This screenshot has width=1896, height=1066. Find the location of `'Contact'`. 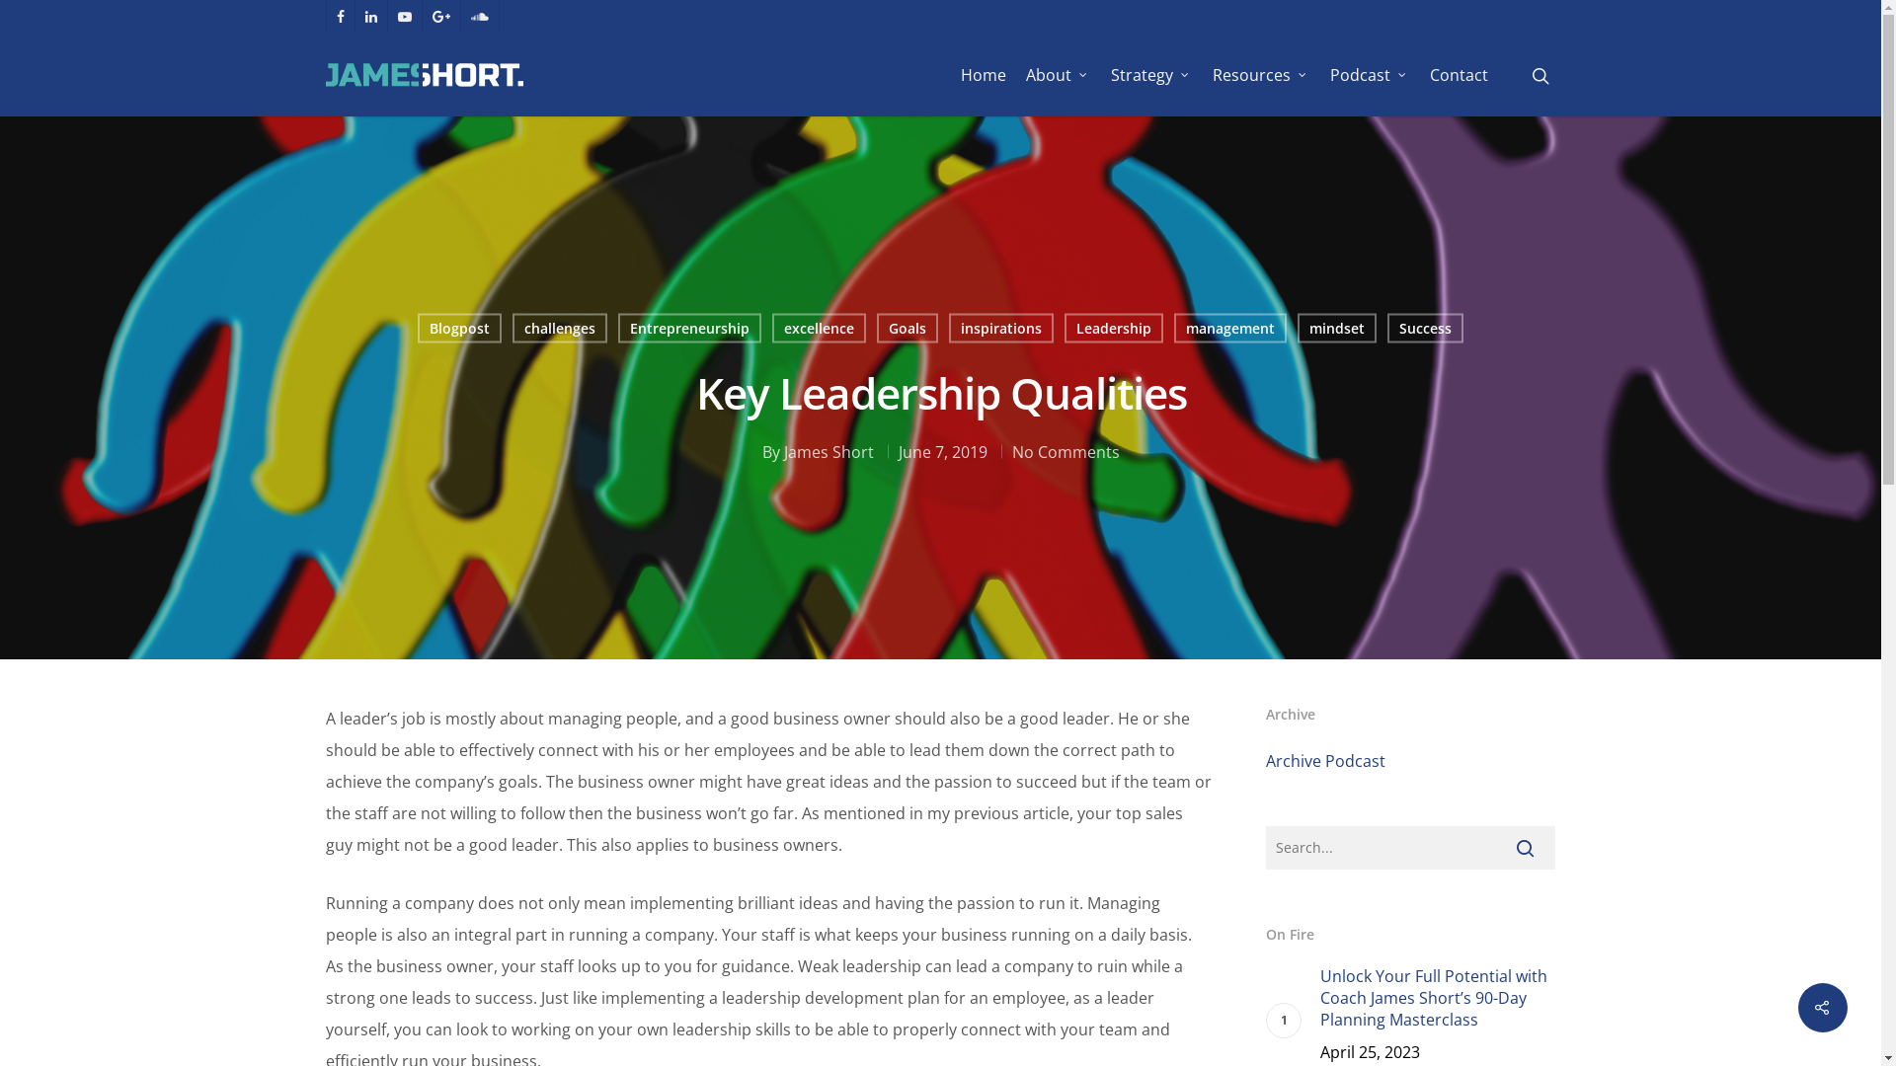

'Contact' is located at coordinates (1459, 74).